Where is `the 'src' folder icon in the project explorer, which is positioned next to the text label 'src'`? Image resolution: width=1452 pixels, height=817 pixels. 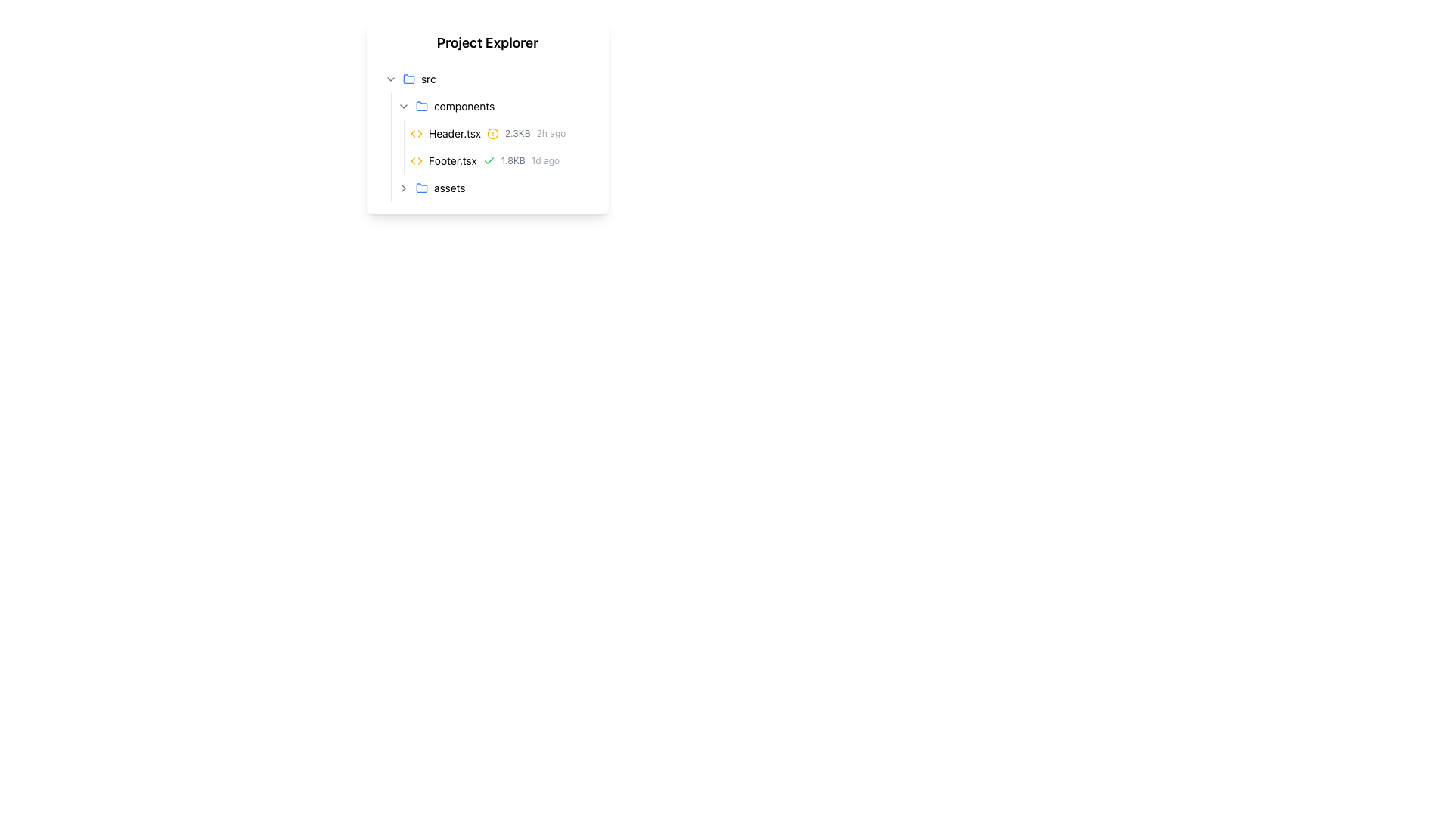 the 'src' folder icon in the project explorer, which is positioned next to the text label 'src' is located at coordinates (409, 79).